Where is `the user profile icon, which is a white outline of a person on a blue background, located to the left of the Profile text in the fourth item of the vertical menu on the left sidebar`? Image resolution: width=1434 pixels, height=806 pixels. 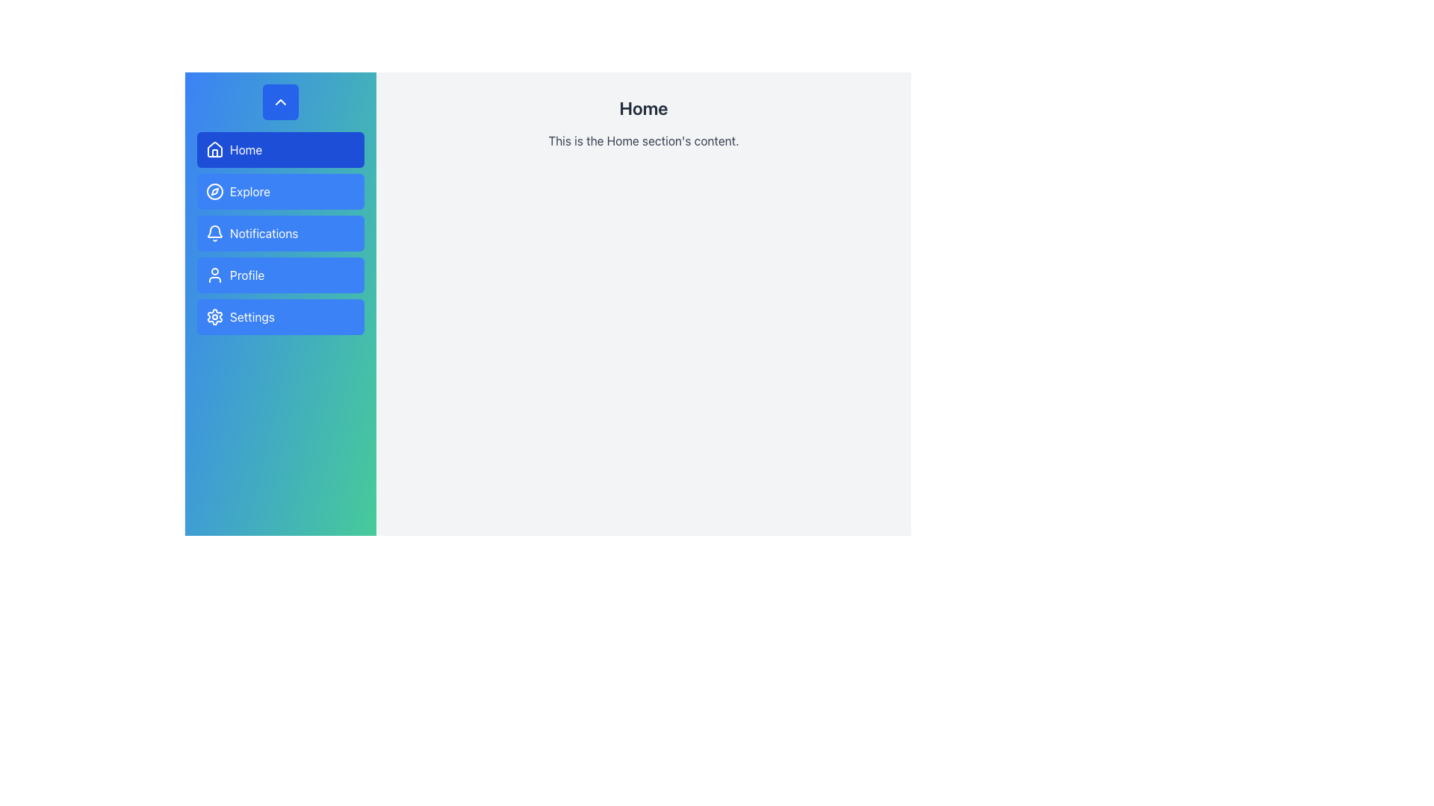 the user profile icon, which is a white outline of a person on a blue background, located to the left of the Profile text in the fourth item of the vertical menu on the left sidebar is located at coordinates (214, 275).